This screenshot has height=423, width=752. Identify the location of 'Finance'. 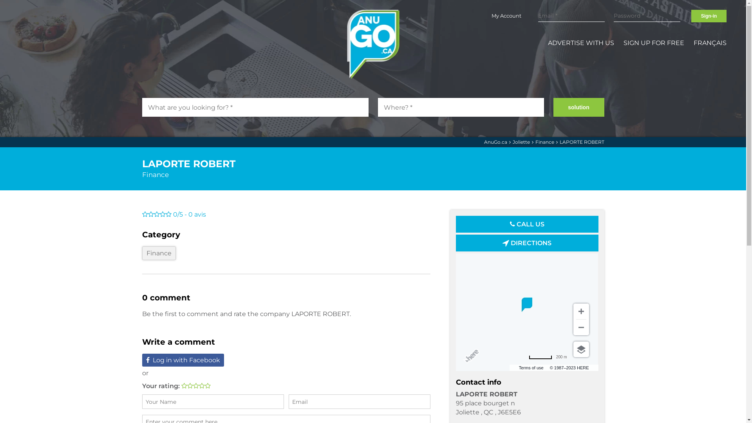
(158, 253).